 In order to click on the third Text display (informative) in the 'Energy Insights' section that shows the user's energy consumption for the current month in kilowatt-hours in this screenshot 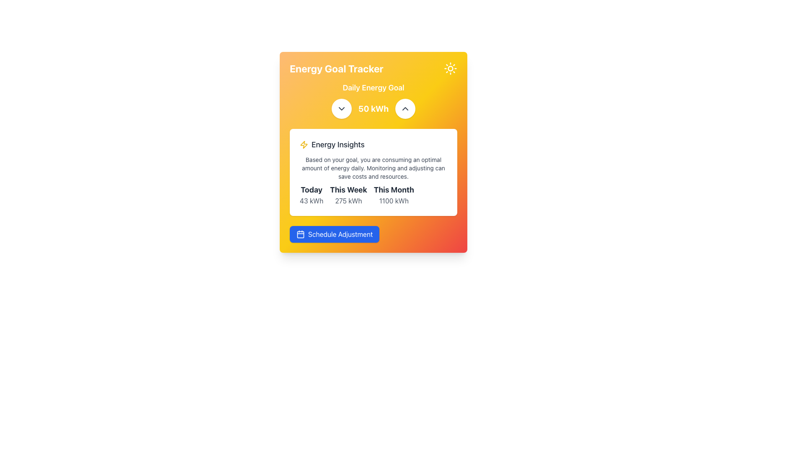, I will do `click(393, 195)`.